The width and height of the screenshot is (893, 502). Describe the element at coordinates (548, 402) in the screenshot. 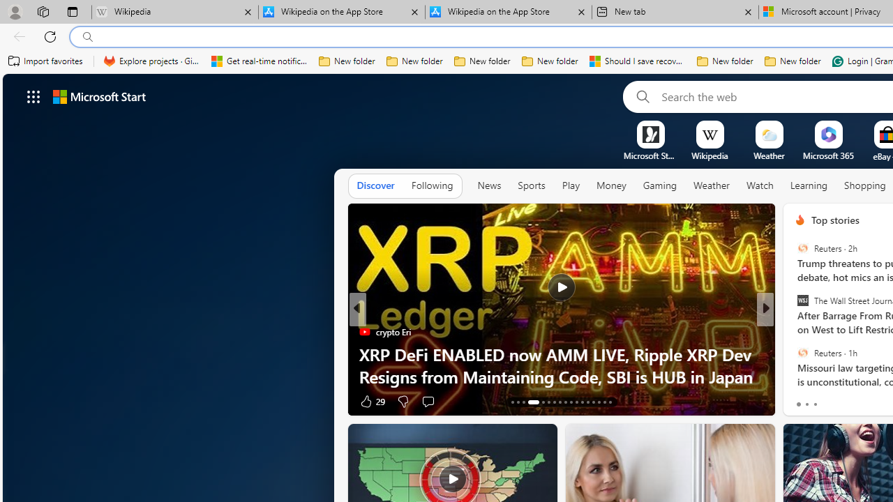

I see `'AutomationID: tab-18'` at that location.